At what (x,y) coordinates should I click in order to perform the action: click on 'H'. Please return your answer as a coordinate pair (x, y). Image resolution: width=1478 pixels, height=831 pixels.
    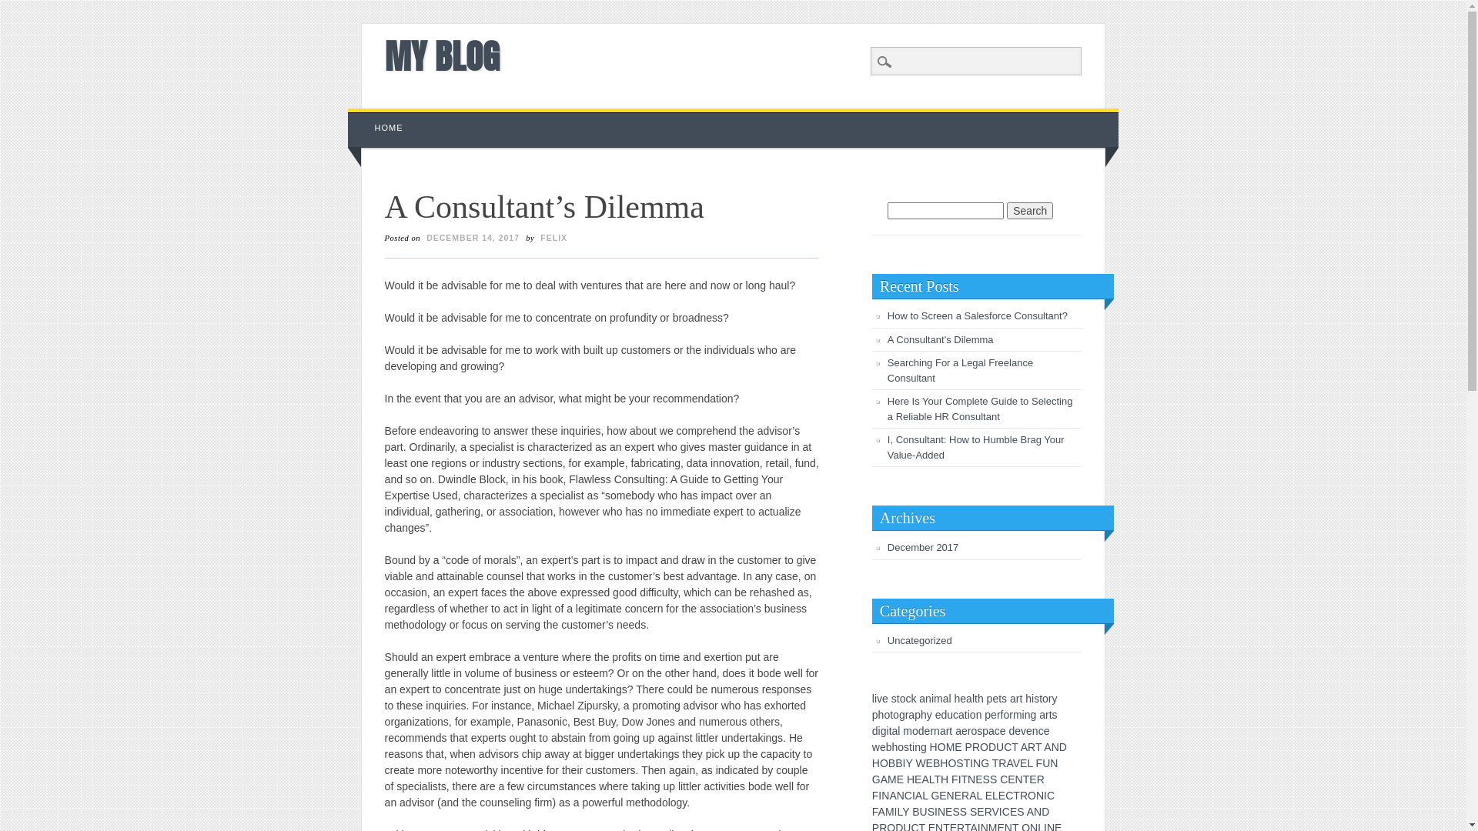
    Looking at the image, I should click on (910, 779).